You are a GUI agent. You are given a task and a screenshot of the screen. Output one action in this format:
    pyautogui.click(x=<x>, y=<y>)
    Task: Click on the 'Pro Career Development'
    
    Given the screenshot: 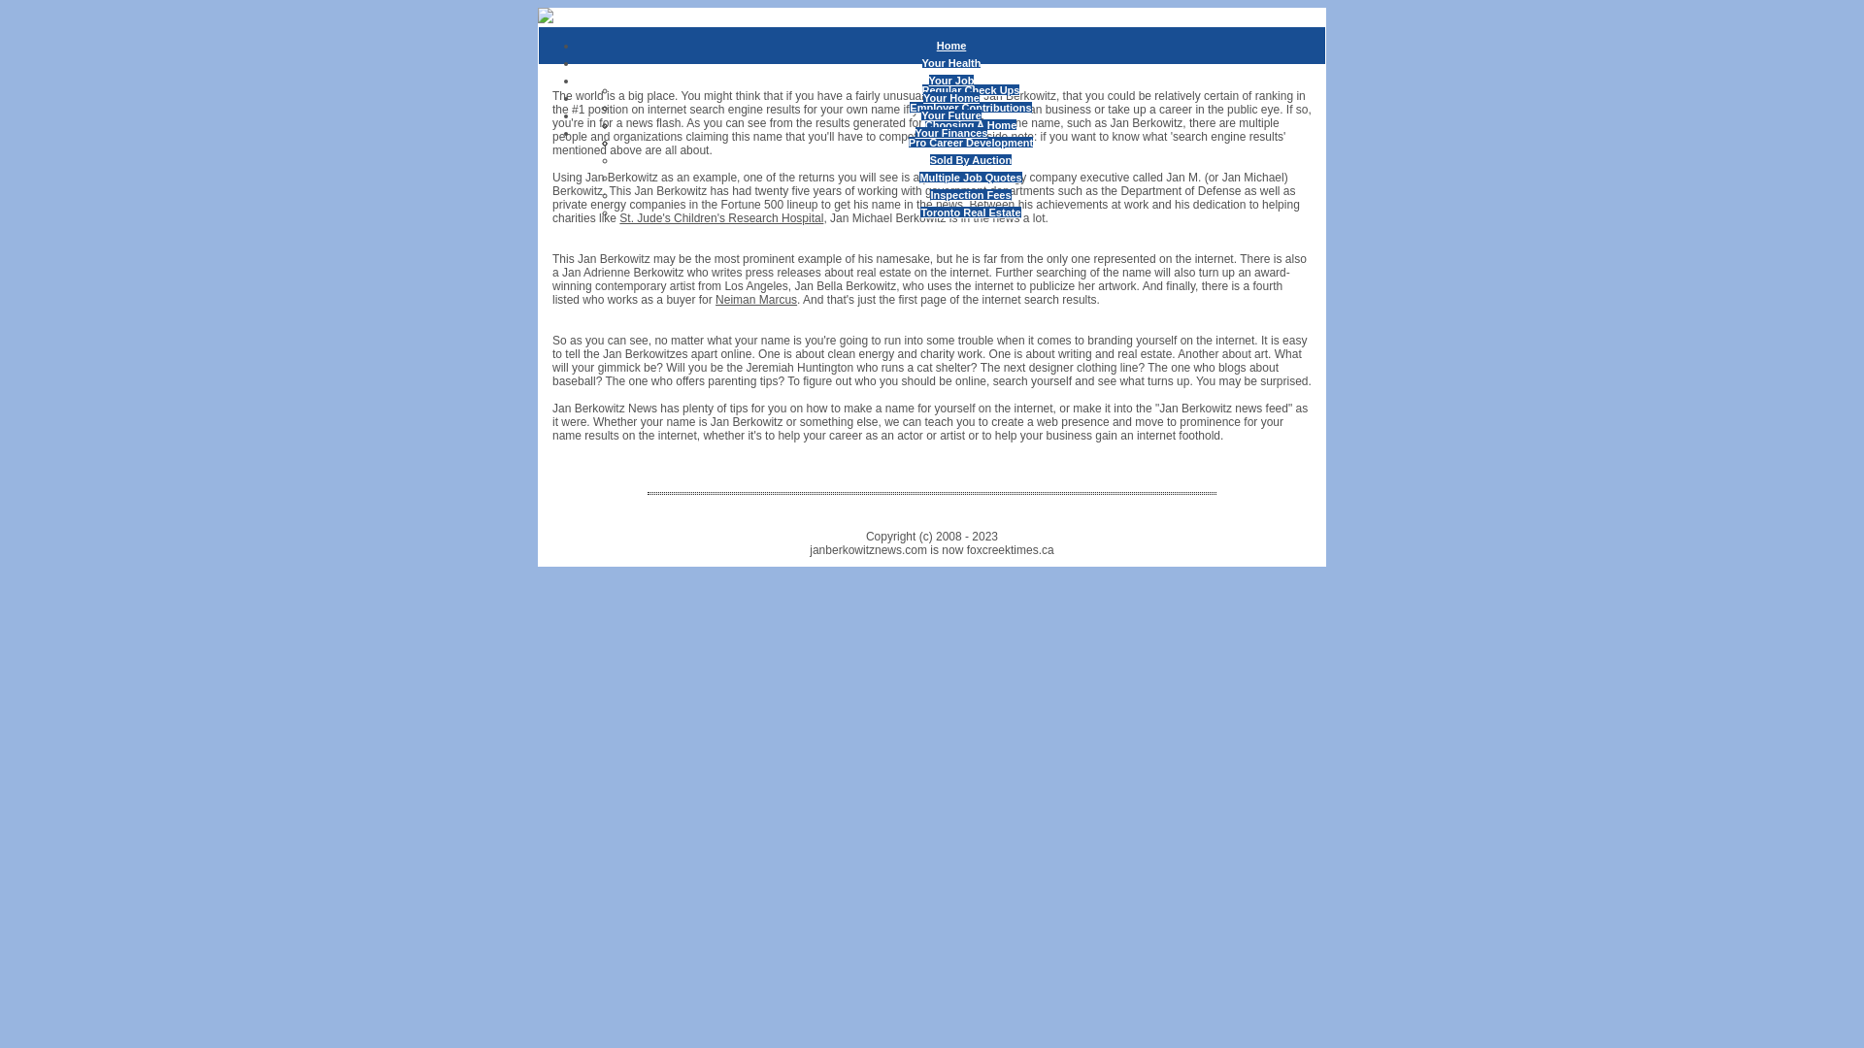 What is the action you would take?
    pyautogui.click(x=970, y=141)
    